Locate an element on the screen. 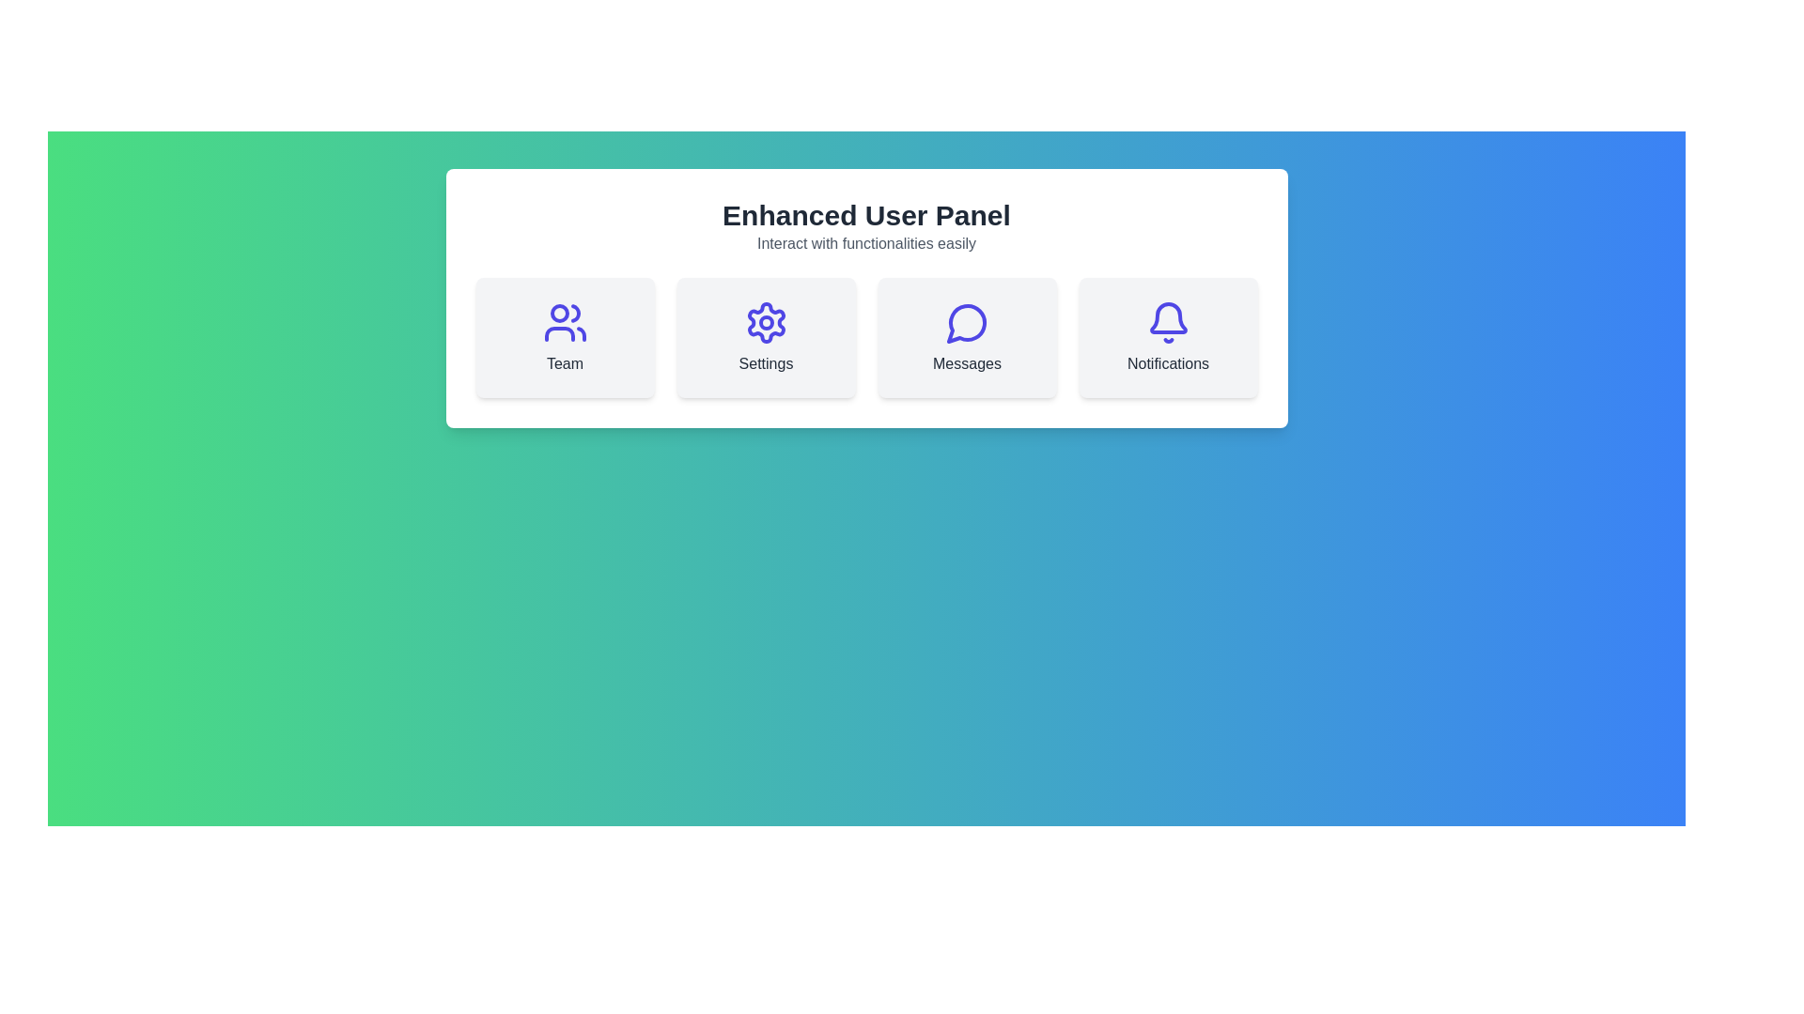 This screenshot has height=1014, width=1804. the bell icon representing notifications located at the top-center of the 'Notifications' card, which is the rightmost among four horizontally aligned cards is located at coordinates (1167, 321).